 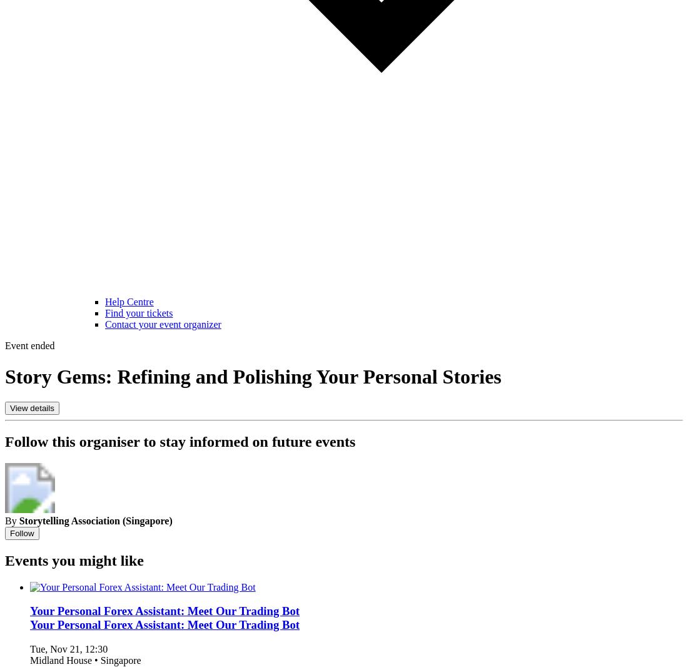 I want to click on 'Help Centre', so click(x=128, y=302).